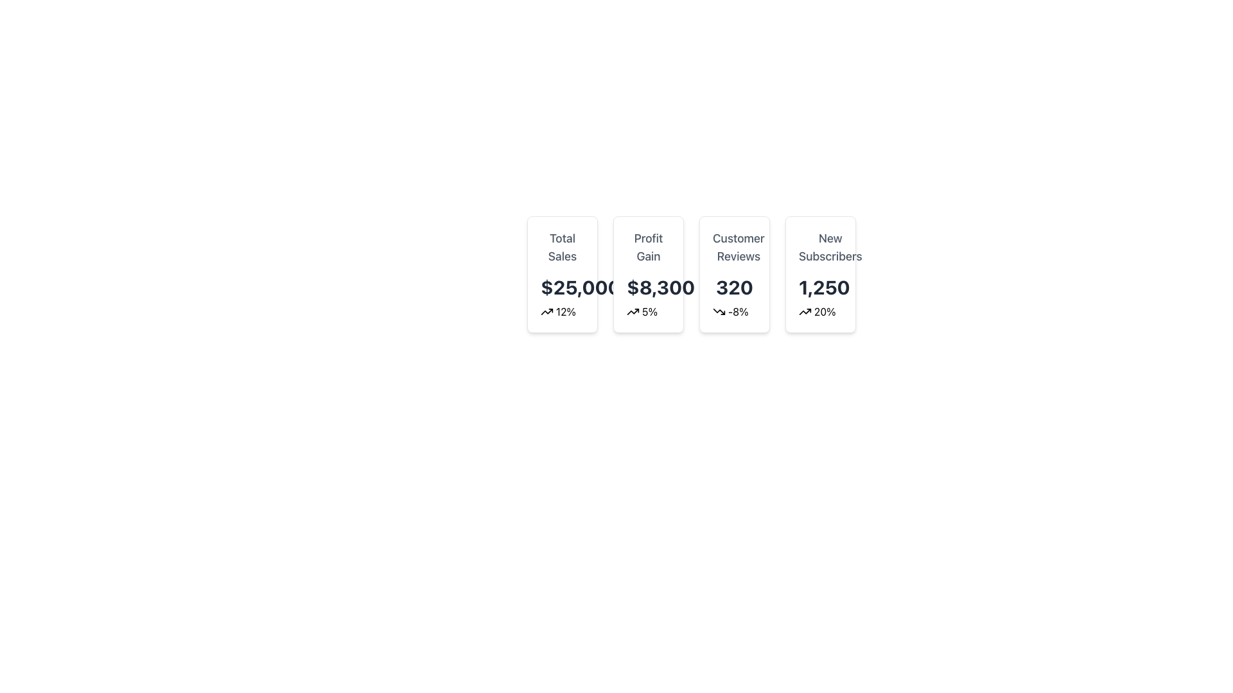 The width and height of the screenshot is (1233, 693). Describe the element at coordinates (734, 312) in the screenshot. I see `information displayed in the small horizontal grouping containing a downward arrow icon and the text '-8%' in red bold font, located within the 'Customer Reviews' card, below the number '320'` at that location.